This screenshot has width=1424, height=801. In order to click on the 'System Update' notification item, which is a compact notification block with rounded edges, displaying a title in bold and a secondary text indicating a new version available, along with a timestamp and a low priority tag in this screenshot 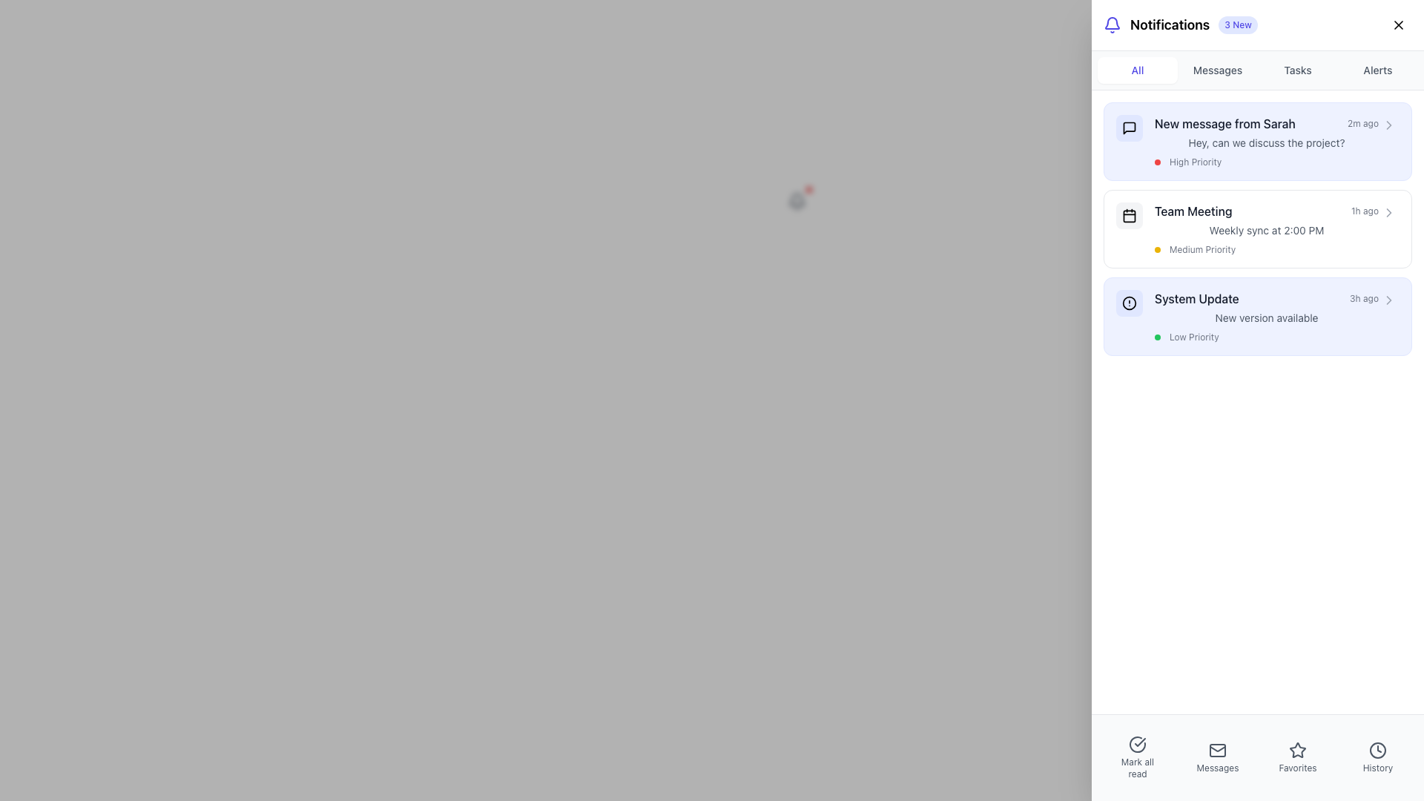, I will do `click(1266, 316)`.